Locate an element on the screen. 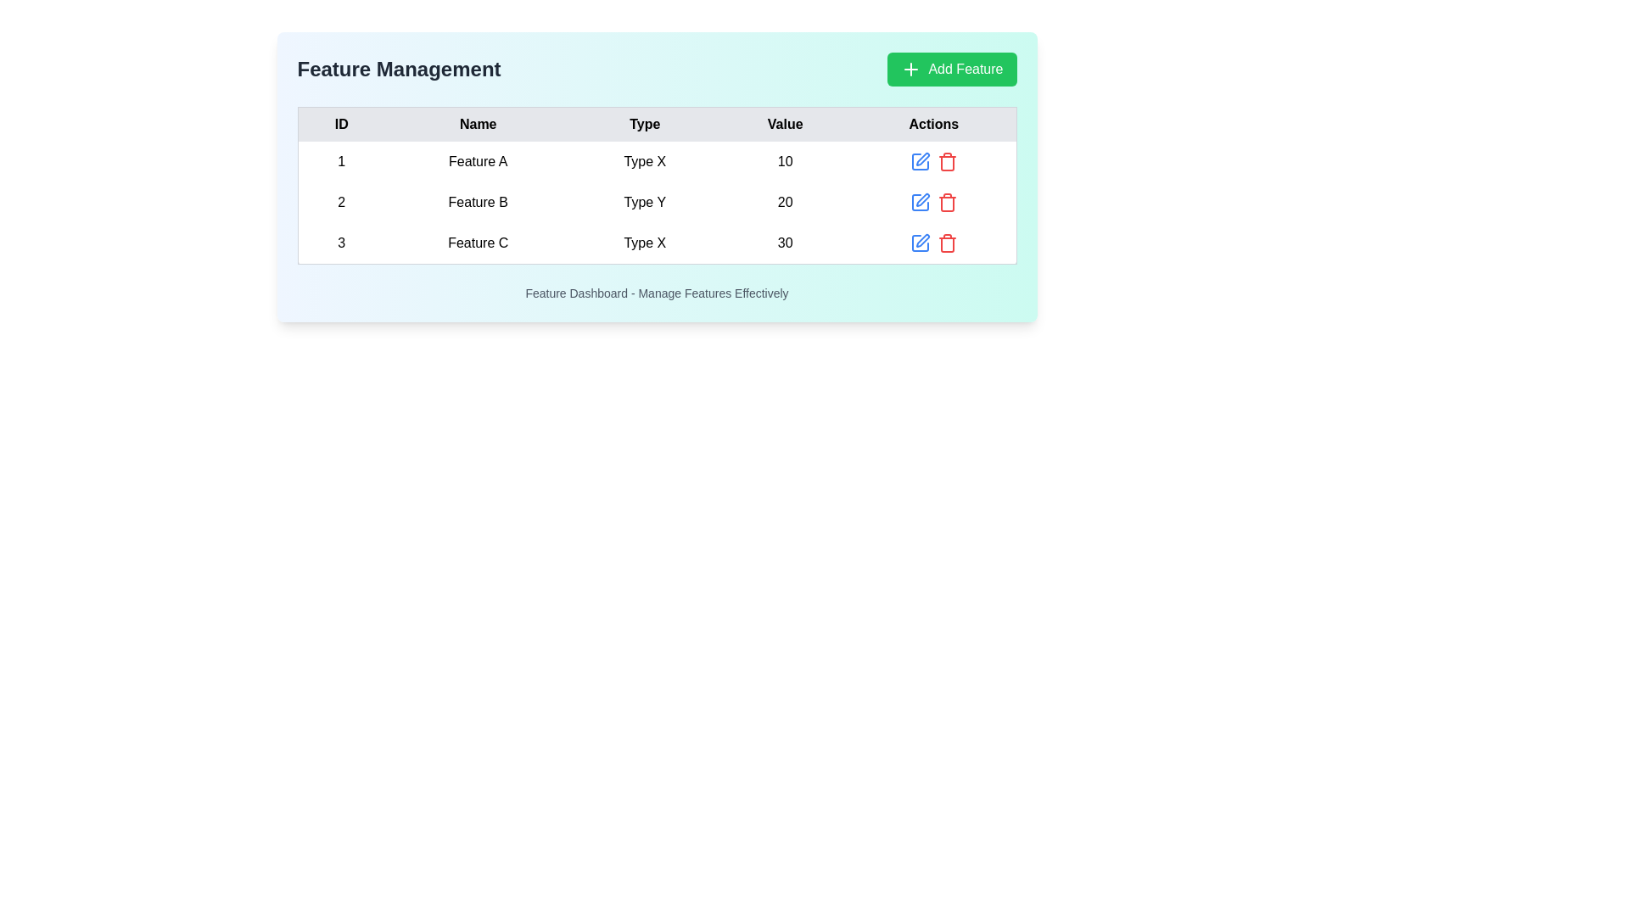 The width and height of the screenshot is (1629, 916). the static text element displaying the number '2' located in the second row under the 'ID' column of the table is located at coordinates (340, 202).